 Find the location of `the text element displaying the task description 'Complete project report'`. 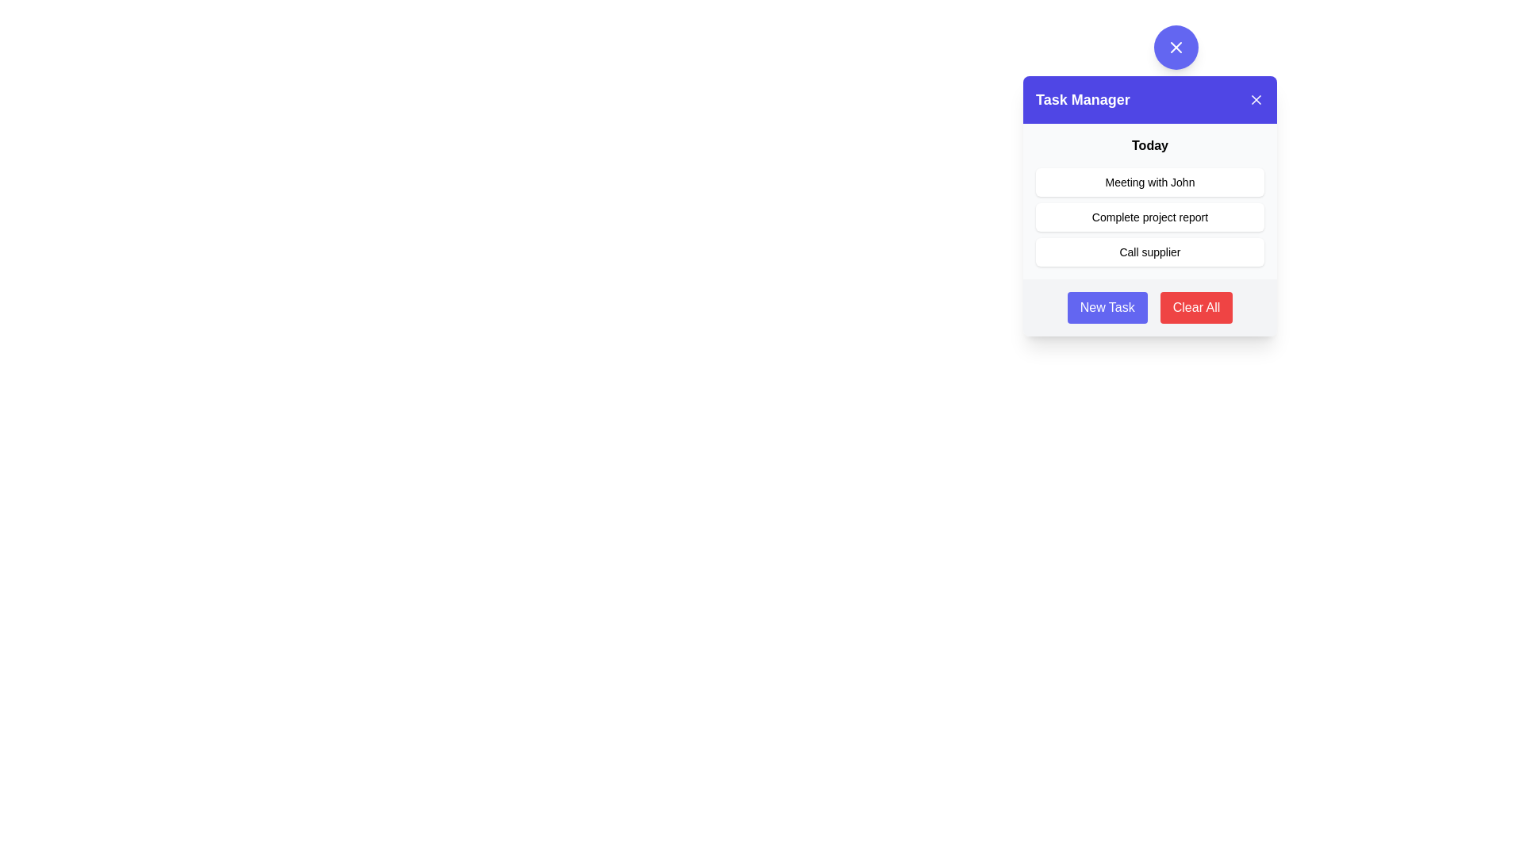

the text element displaying the task description 'Complete project report' is located at coordinates (1149, 217).